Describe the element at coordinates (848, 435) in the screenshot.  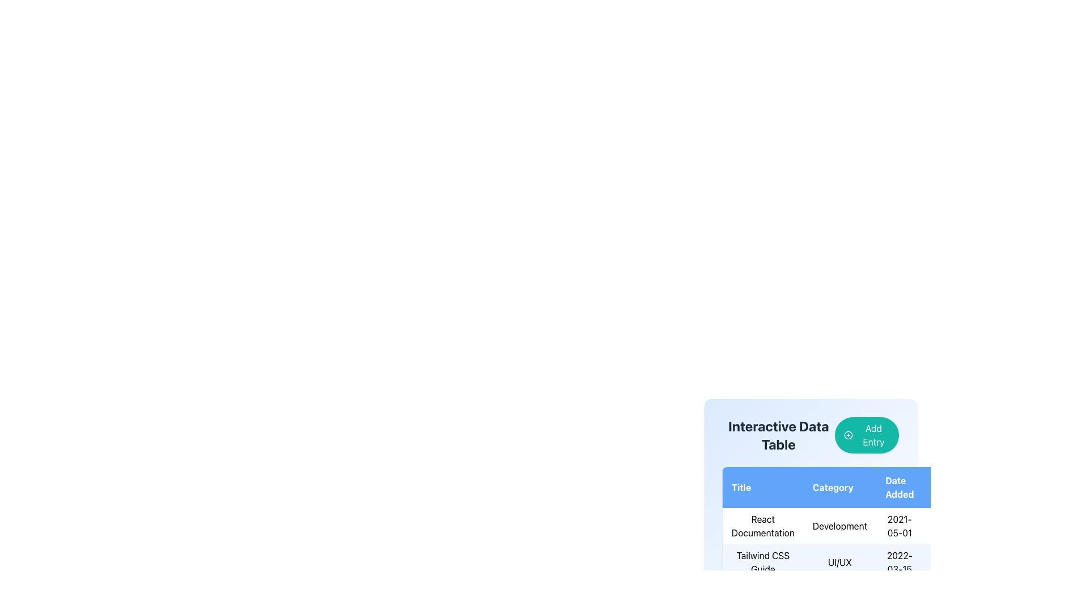
I see `the circular plus icon inside the 'Add Entry' button located in the top-right section of the interactive data table interface` at that location.